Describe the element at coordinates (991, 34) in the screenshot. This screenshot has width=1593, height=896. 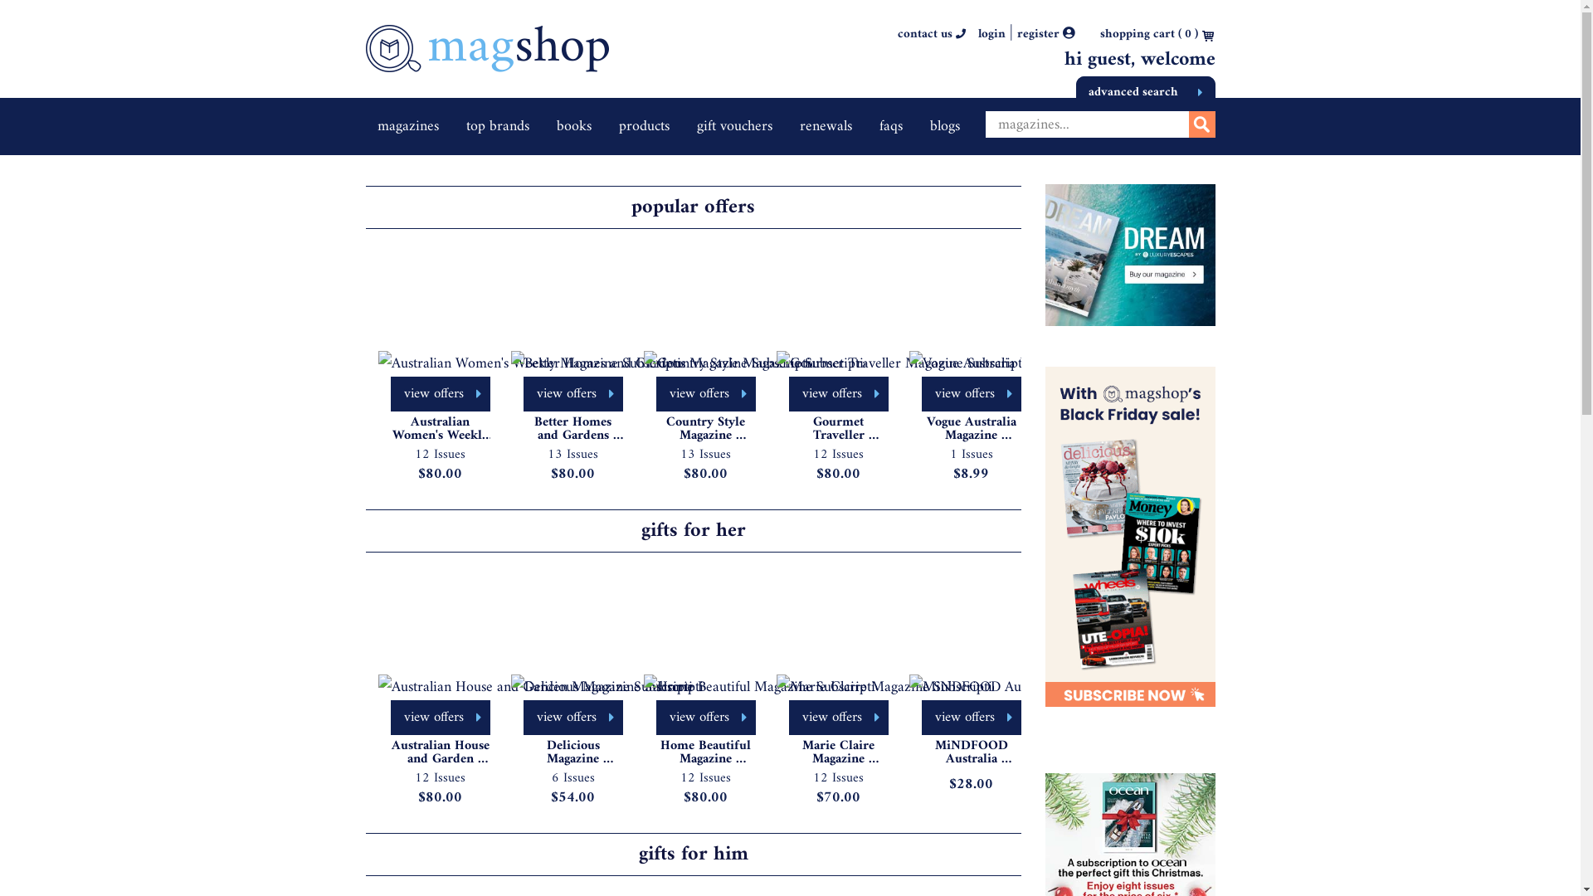
I see `'login'` at that location.